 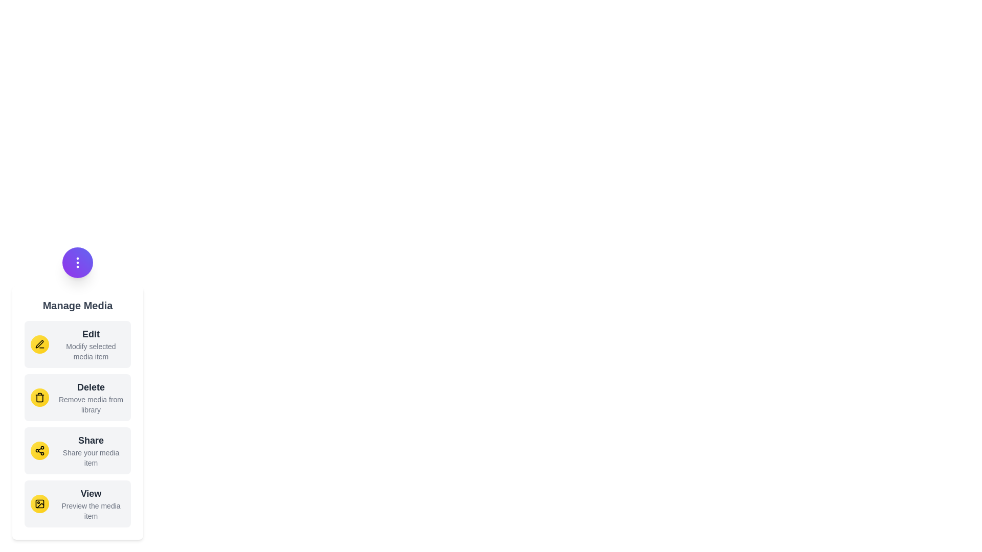 I want to click on the menu item labeled View to view its hover effect, so click(x=77, y=503).